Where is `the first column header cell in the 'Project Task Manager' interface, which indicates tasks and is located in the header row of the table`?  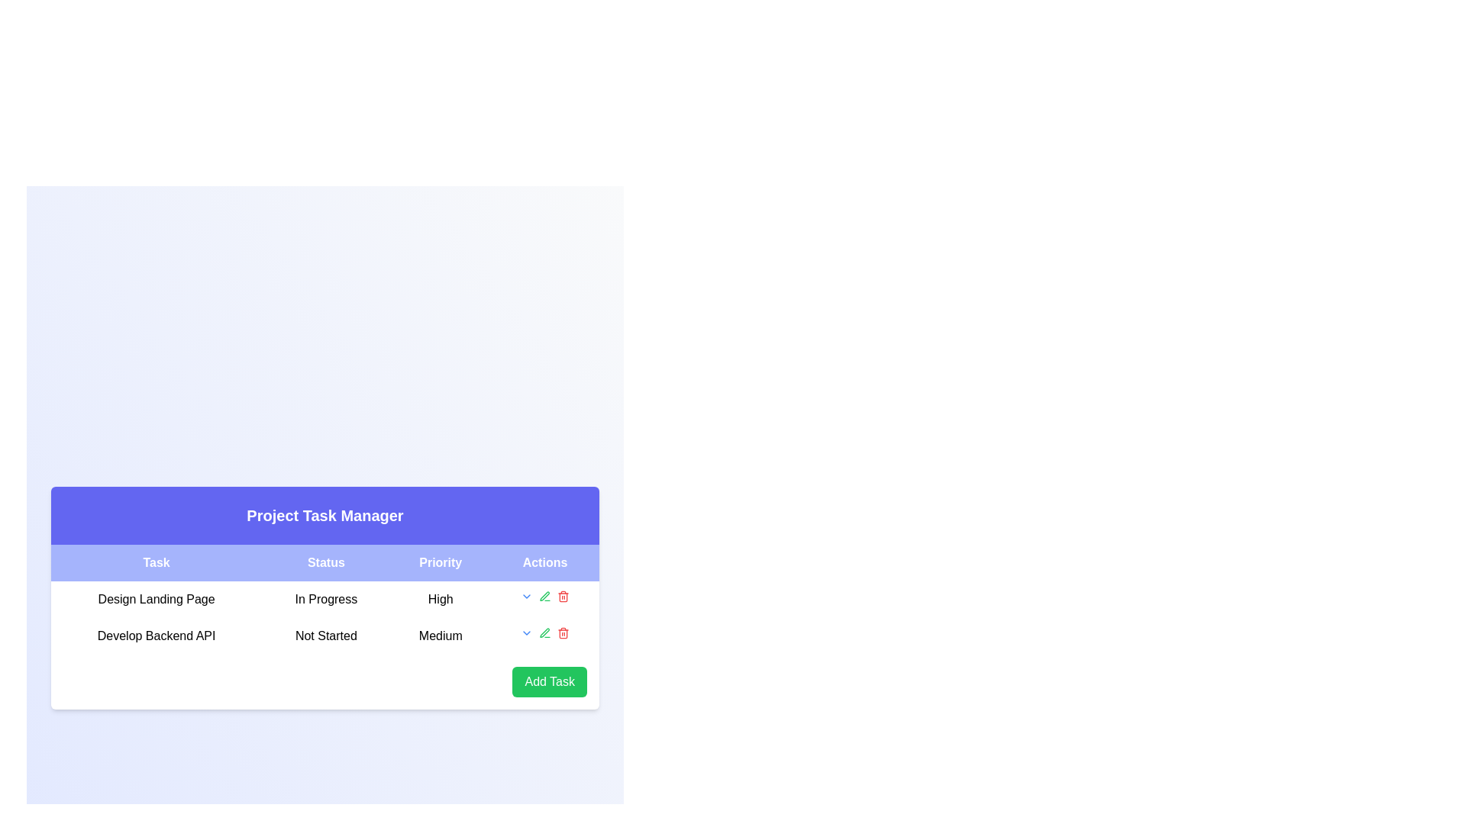 the first column header cell in the 'Project Task Manager' interface, which indicates tasks and is located in the header row of the table is located at coordinates (157, 562).